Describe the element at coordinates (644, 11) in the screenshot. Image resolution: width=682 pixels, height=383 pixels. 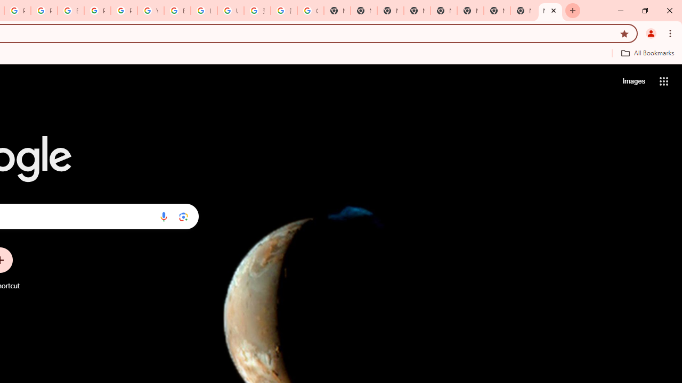
I see `'Restore'` at that location.